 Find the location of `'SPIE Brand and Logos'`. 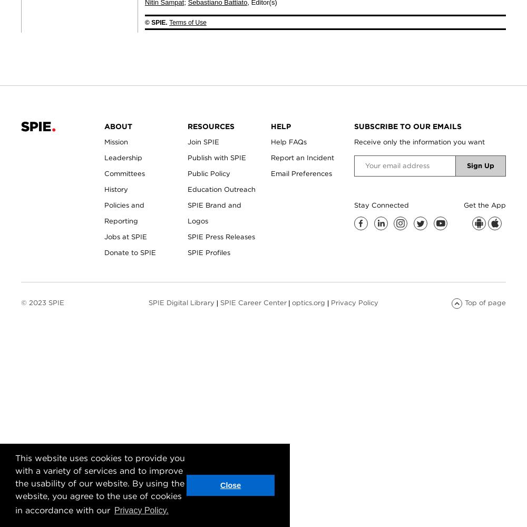

'SPIE Brand and Logos' is located at coordinates (187, 212).